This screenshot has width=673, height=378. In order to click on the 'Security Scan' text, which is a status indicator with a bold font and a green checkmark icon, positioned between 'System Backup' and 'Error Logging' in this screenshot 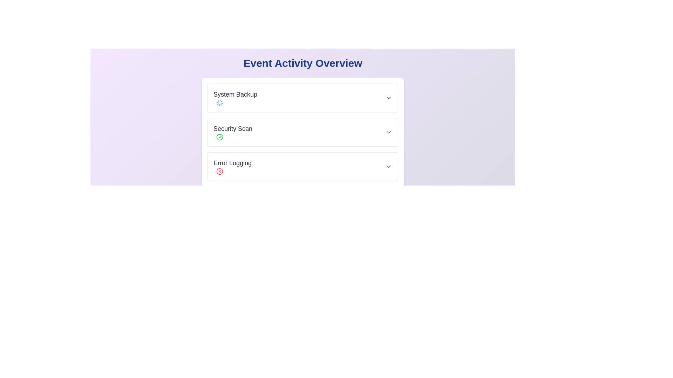, I will do `click(233, 132)`.